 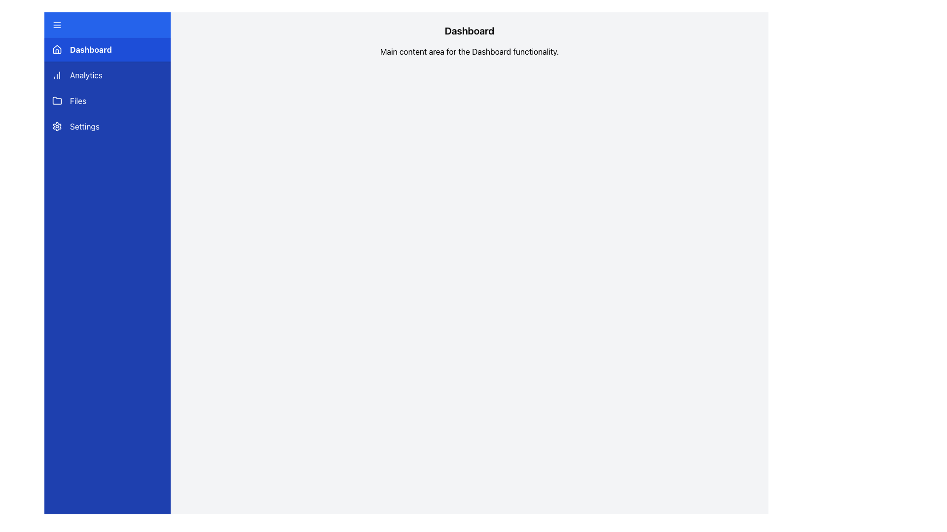 What do you see at coordinates (56, 126) in the screenshot?
I see `the gear-shaped icon in the Settings menu` at bounding box center [56, 126].